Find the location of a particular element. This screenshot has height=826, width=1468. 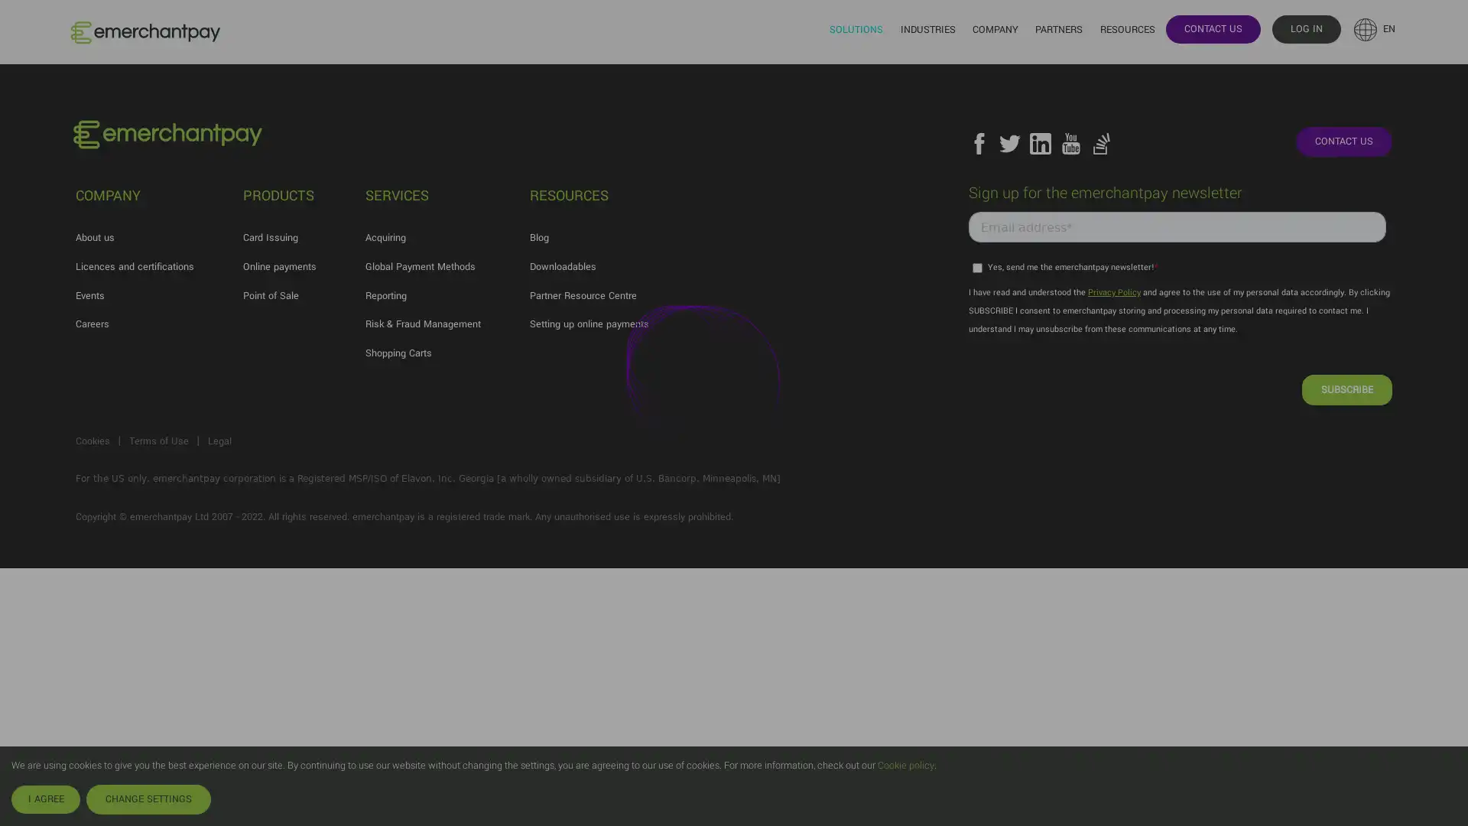

I AGREE is located at coordinates (45, 798).